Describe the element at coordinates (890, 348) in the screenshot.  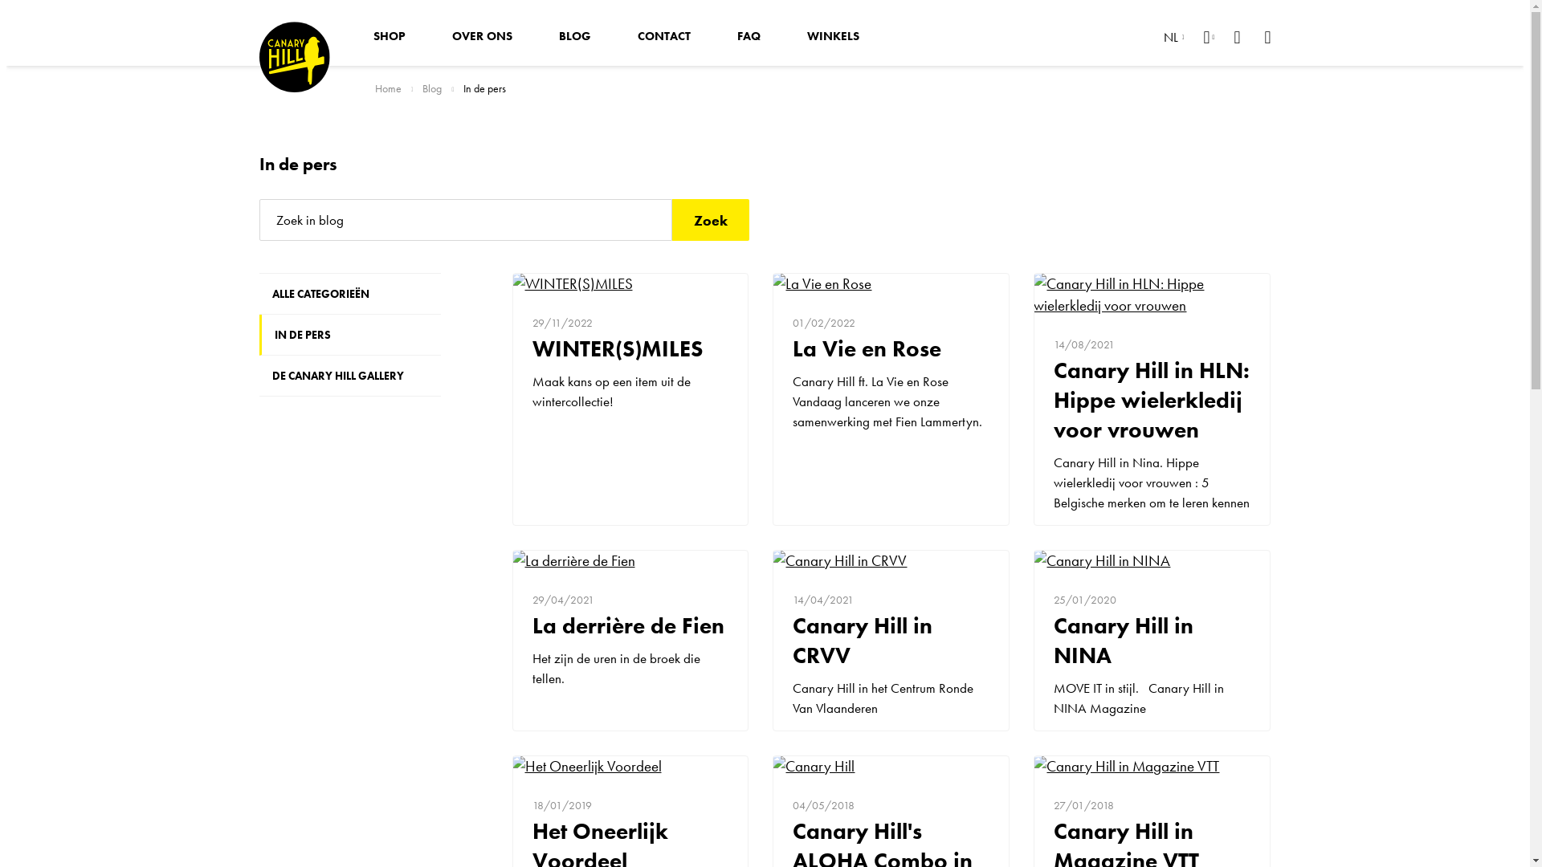
I see `'La Vie en Rose'` at that location.